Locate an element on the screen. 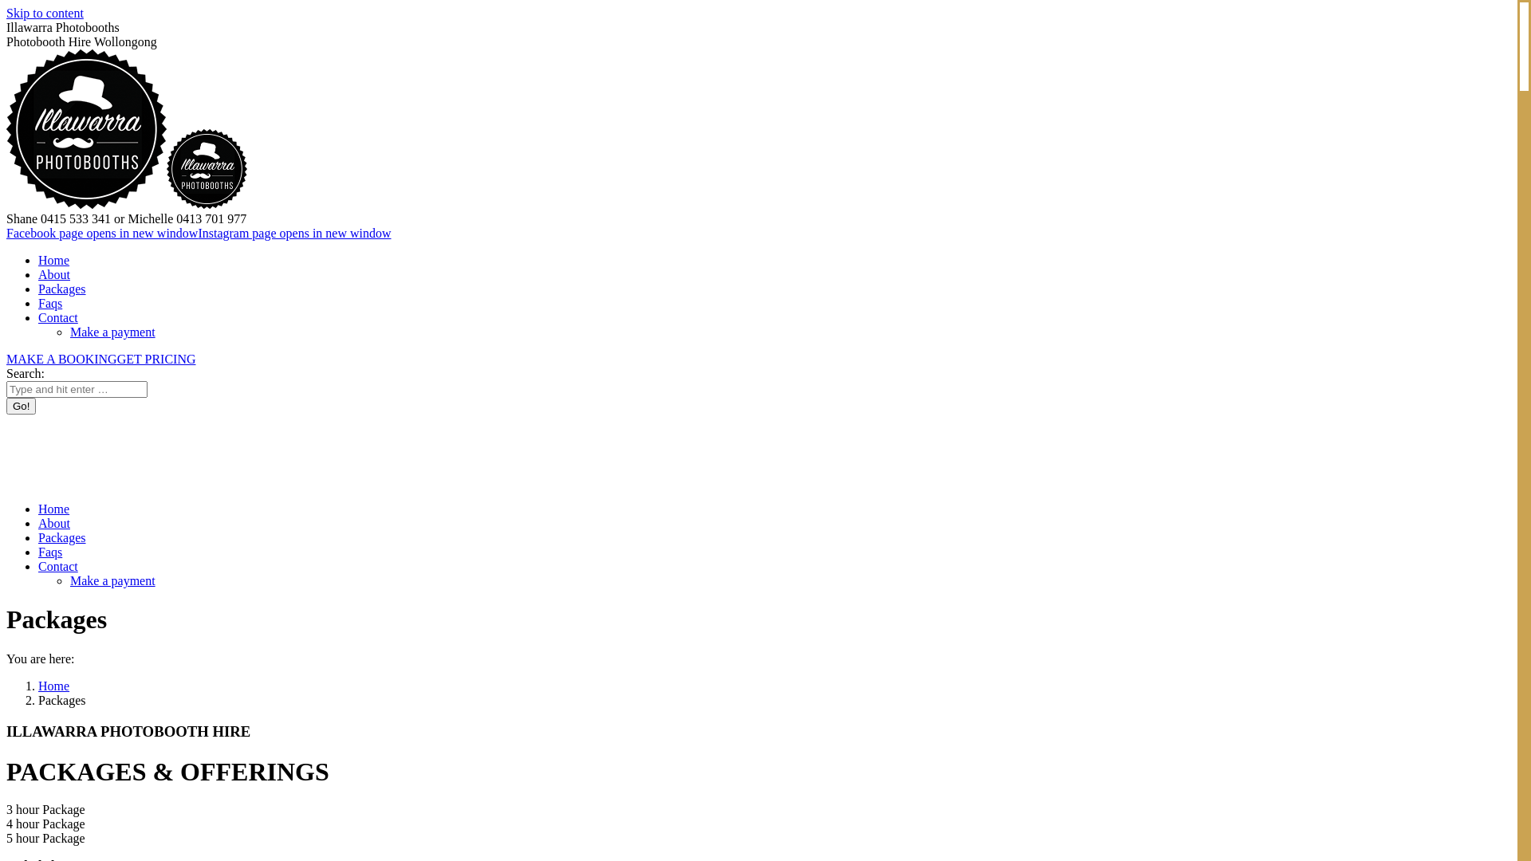 This screenshot has height=861, width=1531. 'Contact' is located at coordinates (57, 565).